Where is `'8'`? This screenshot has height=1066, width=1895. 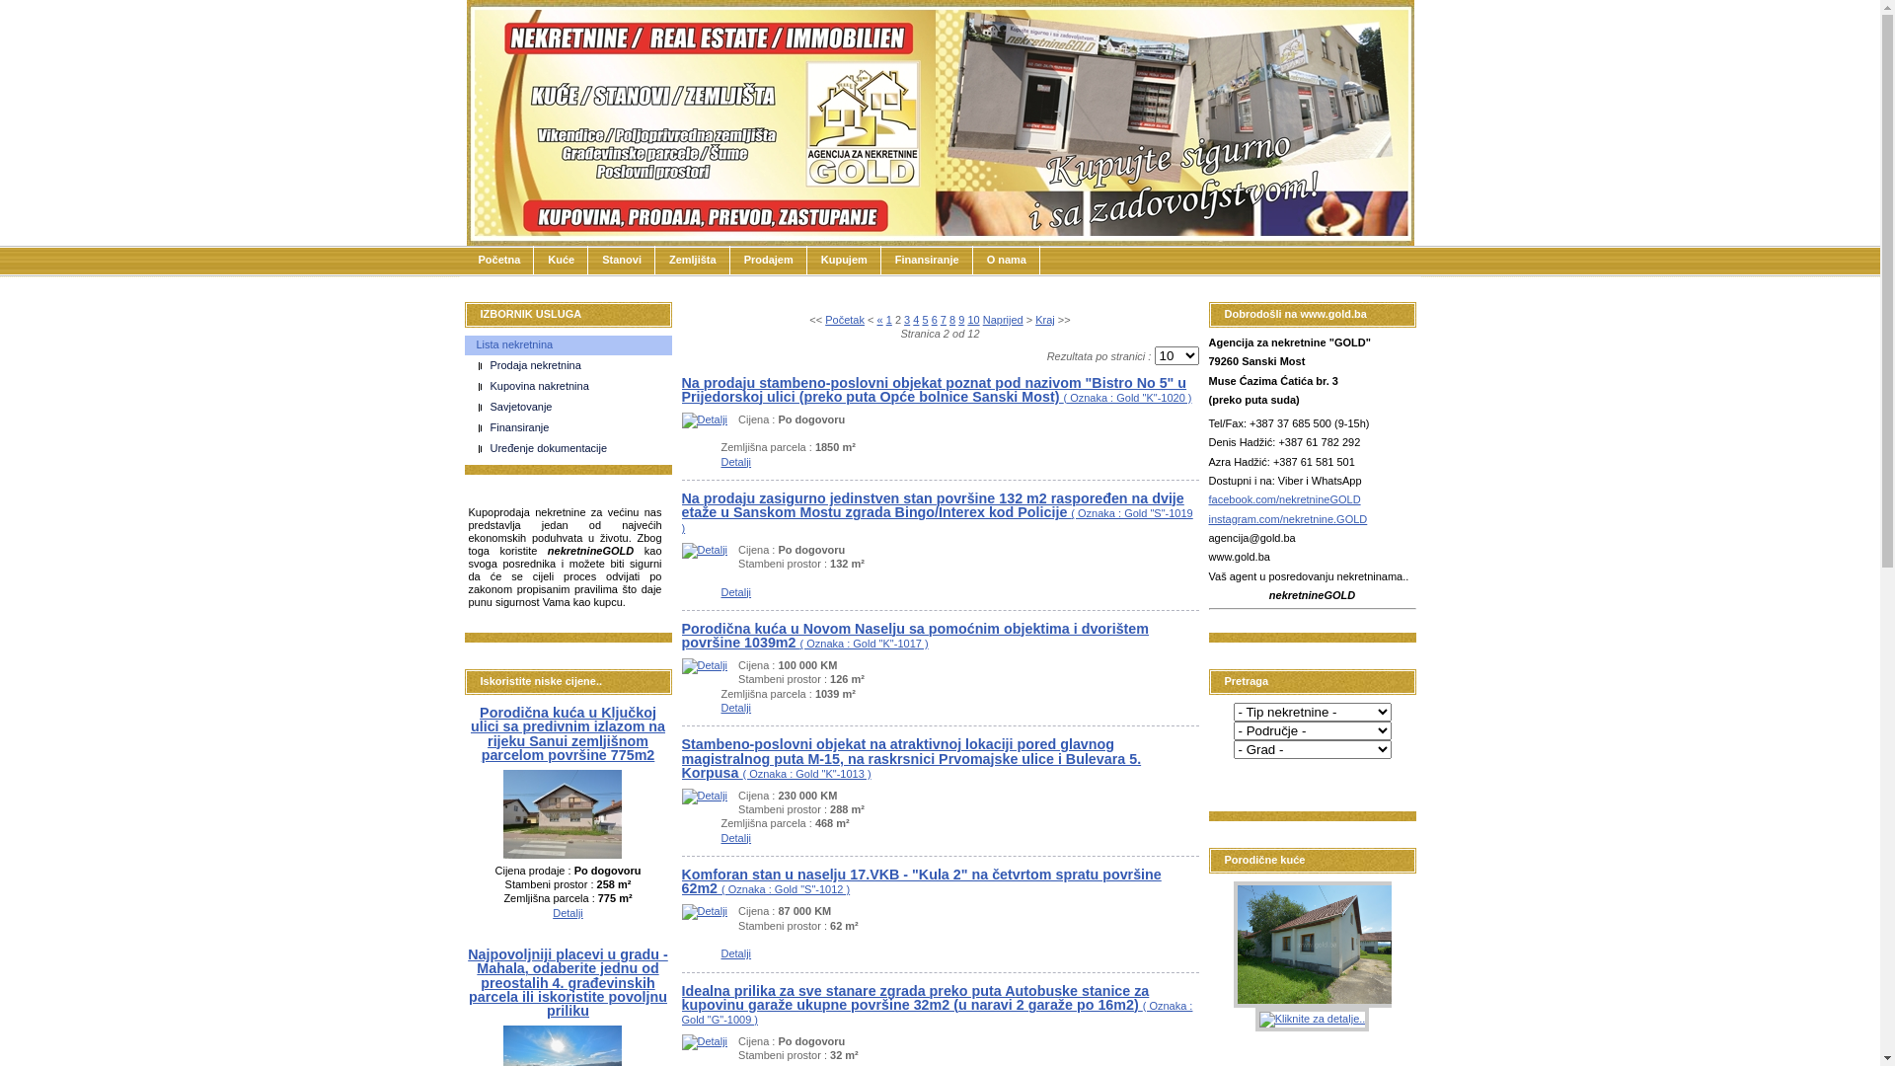
'8' is located at coordinates (948, 319).